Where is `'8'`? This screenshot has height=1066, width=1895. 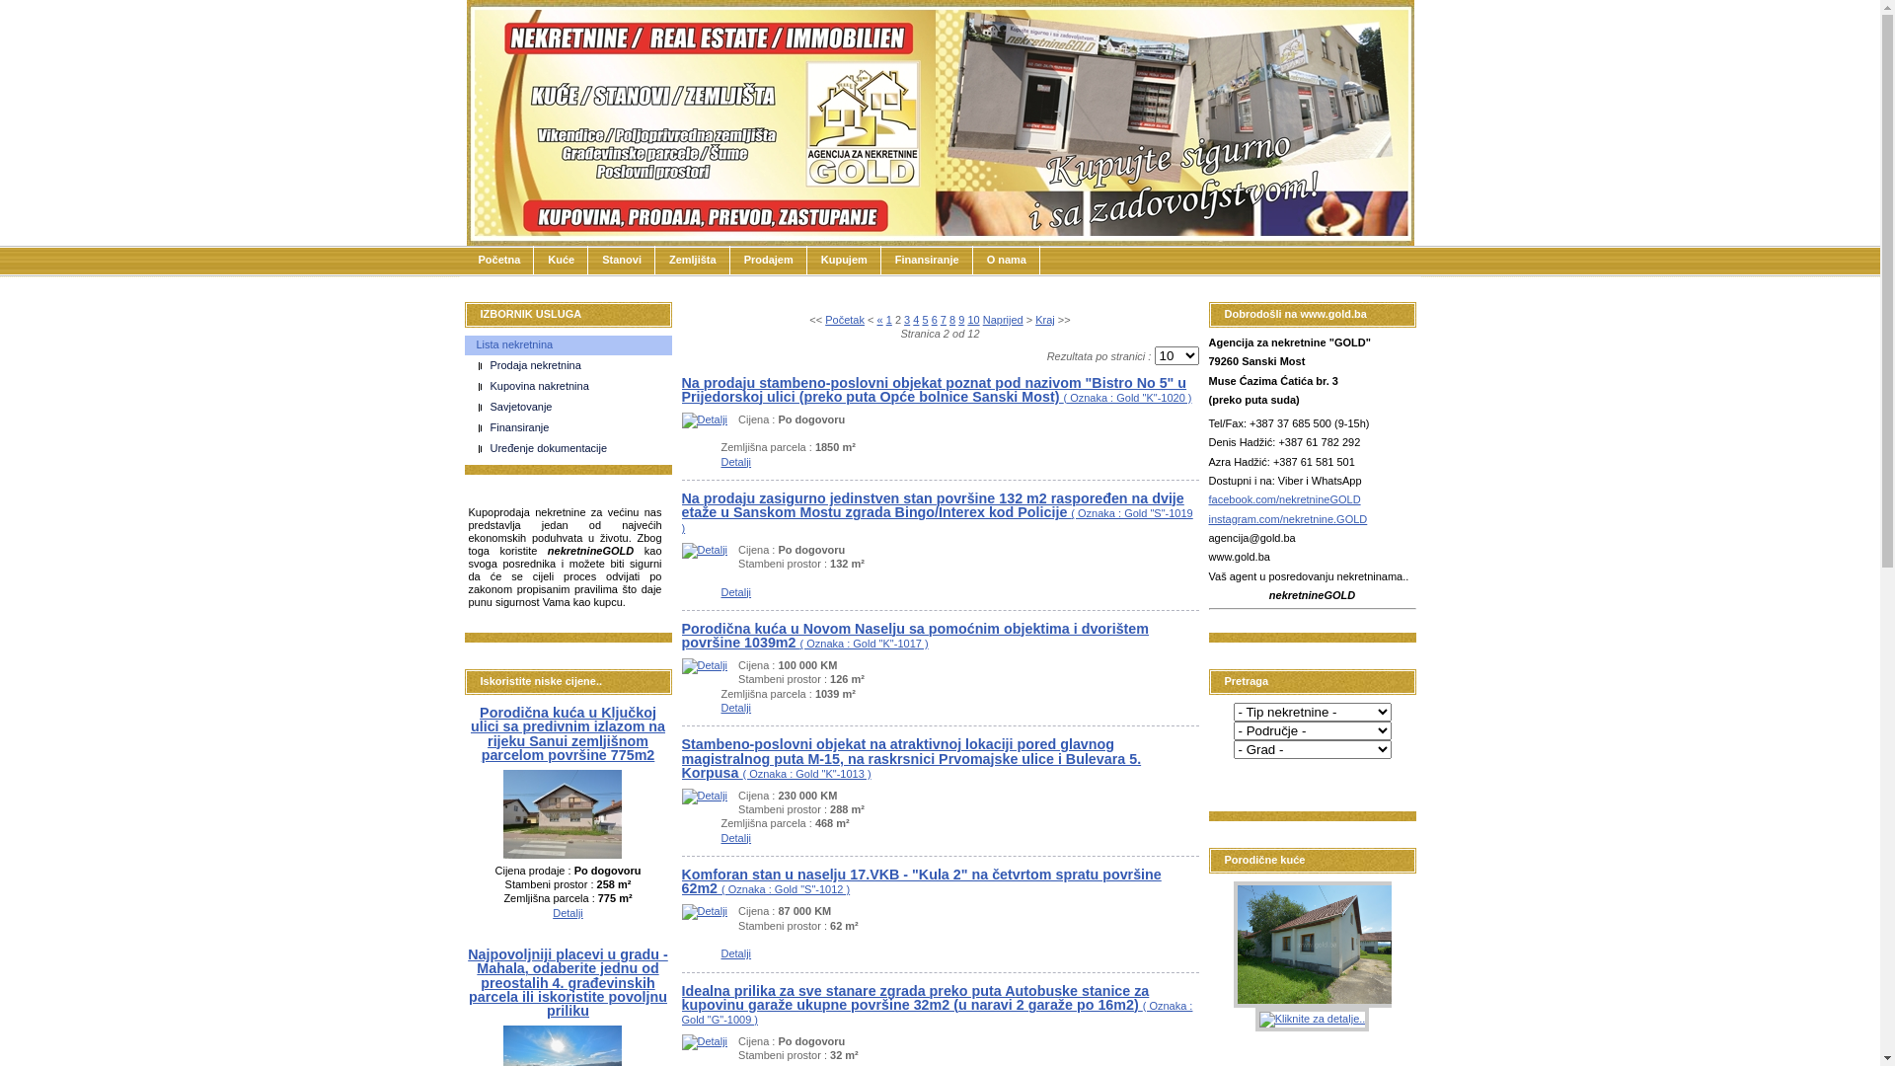
'8' is located at coordinates (948, 319).